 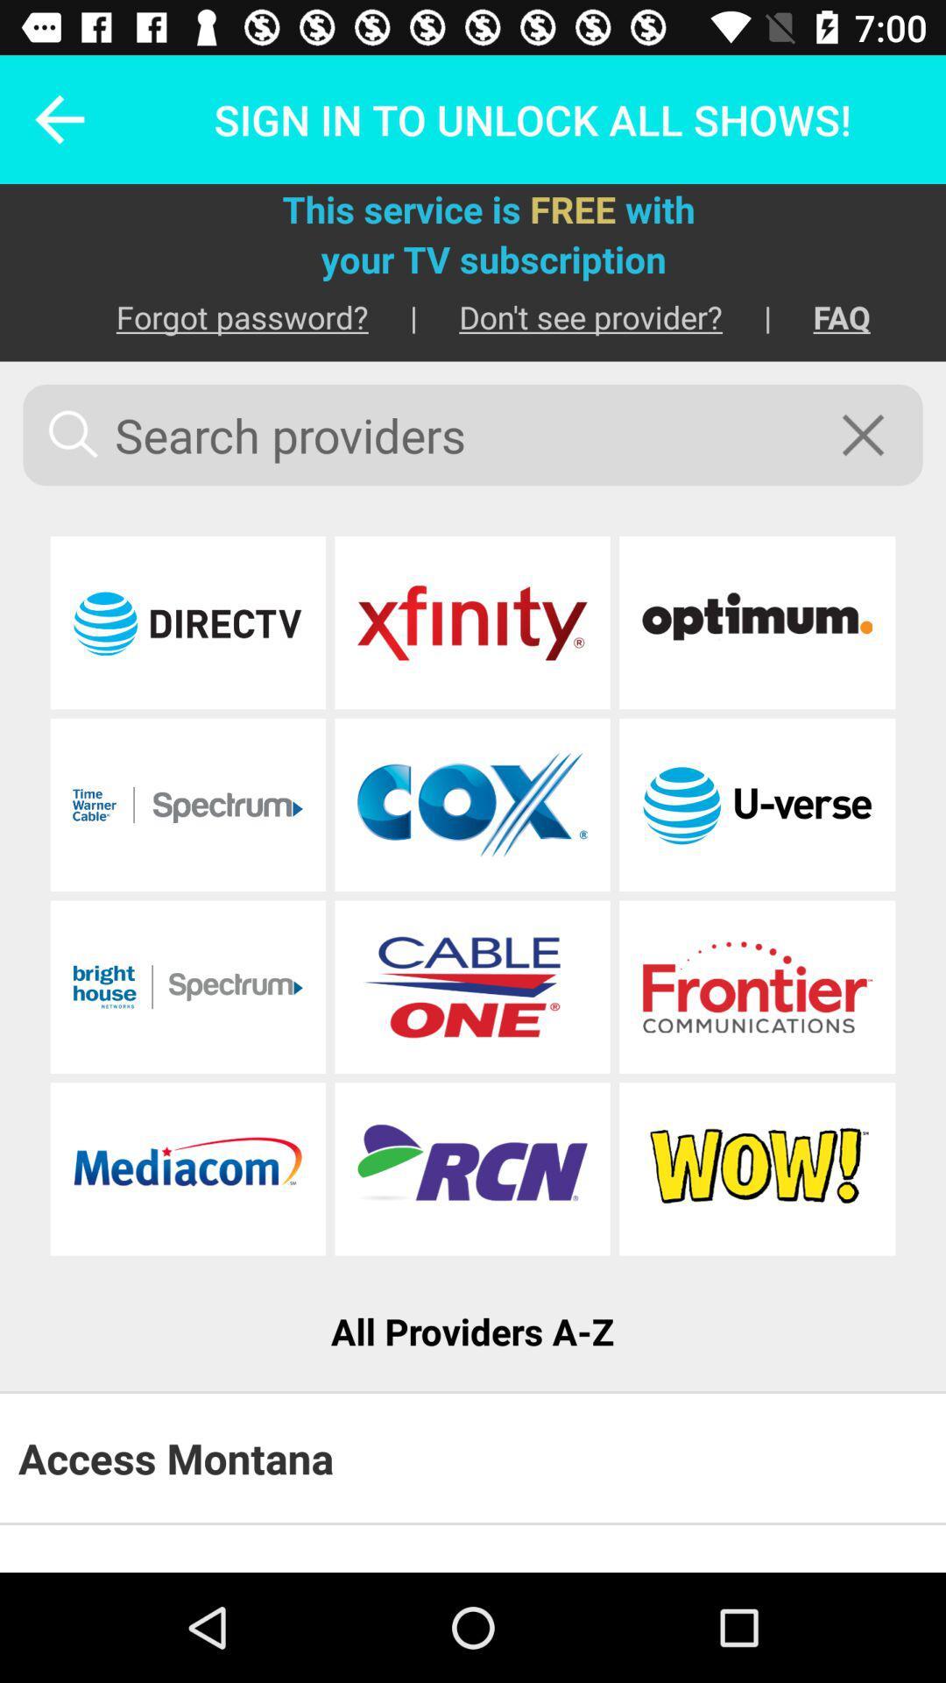 What do you see at coordinates (756, 804) in the screenshot?
I see `at t u-verse` at bounding box center [756, 804].